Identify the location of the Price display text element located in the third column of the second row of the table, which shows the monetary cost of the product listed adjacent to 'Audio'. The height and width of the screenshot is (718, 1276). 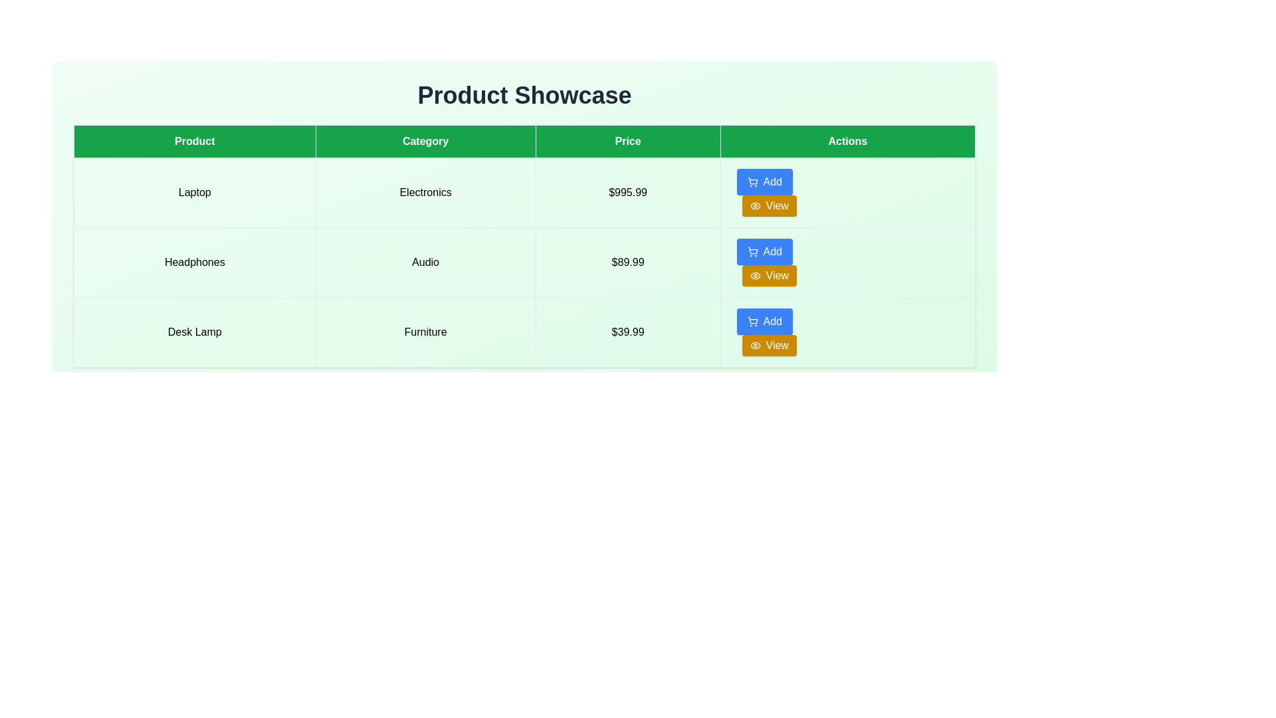
(627, 262).